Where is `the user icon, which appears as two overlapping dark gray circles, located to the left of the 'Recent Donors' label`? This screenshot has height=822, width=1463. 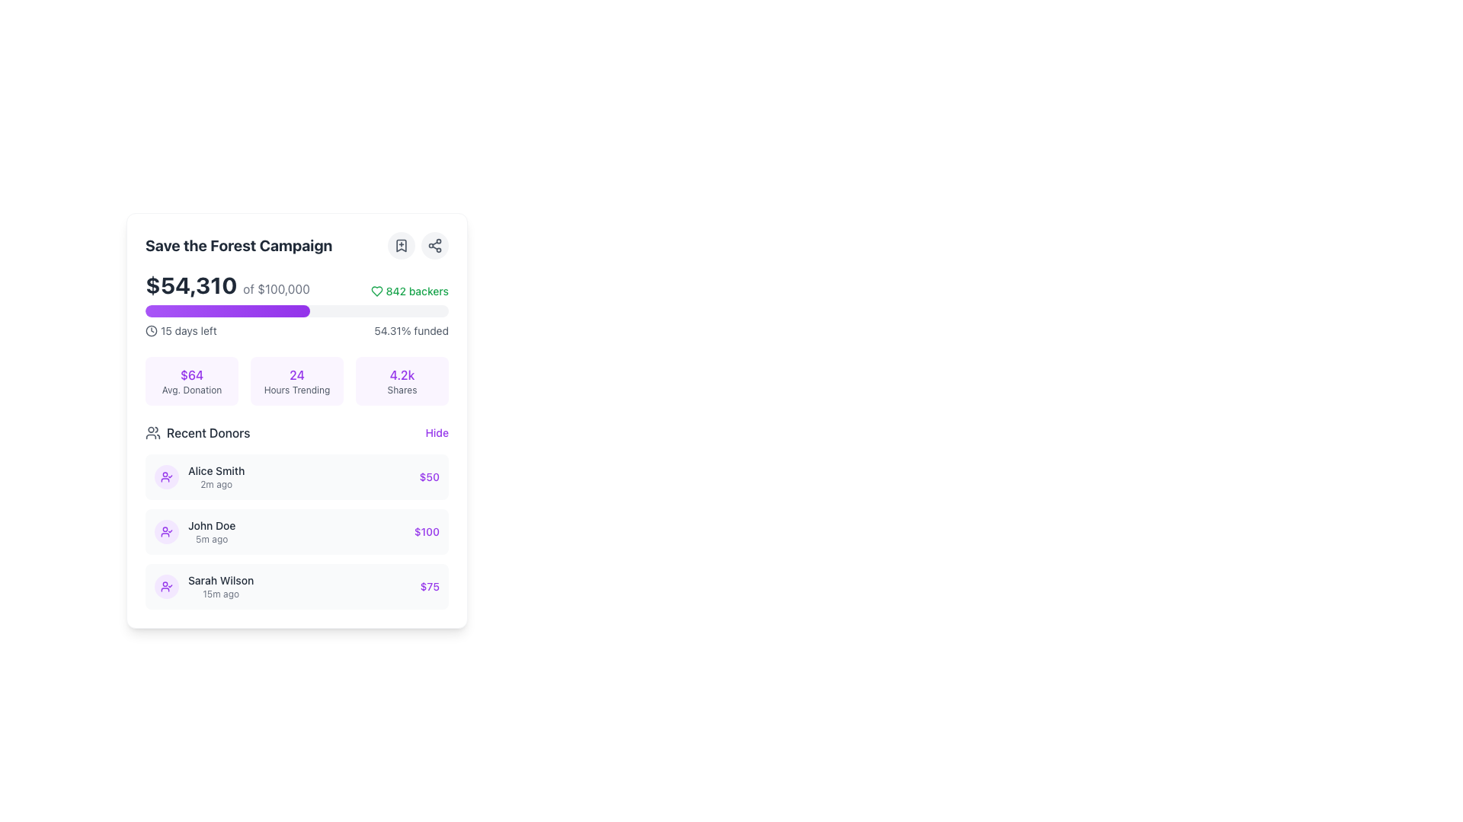
the user icon, which appears as two overlapping dark gray circles, located to the left of the 'Recent Donors' label is located at coordinates (153, 433).